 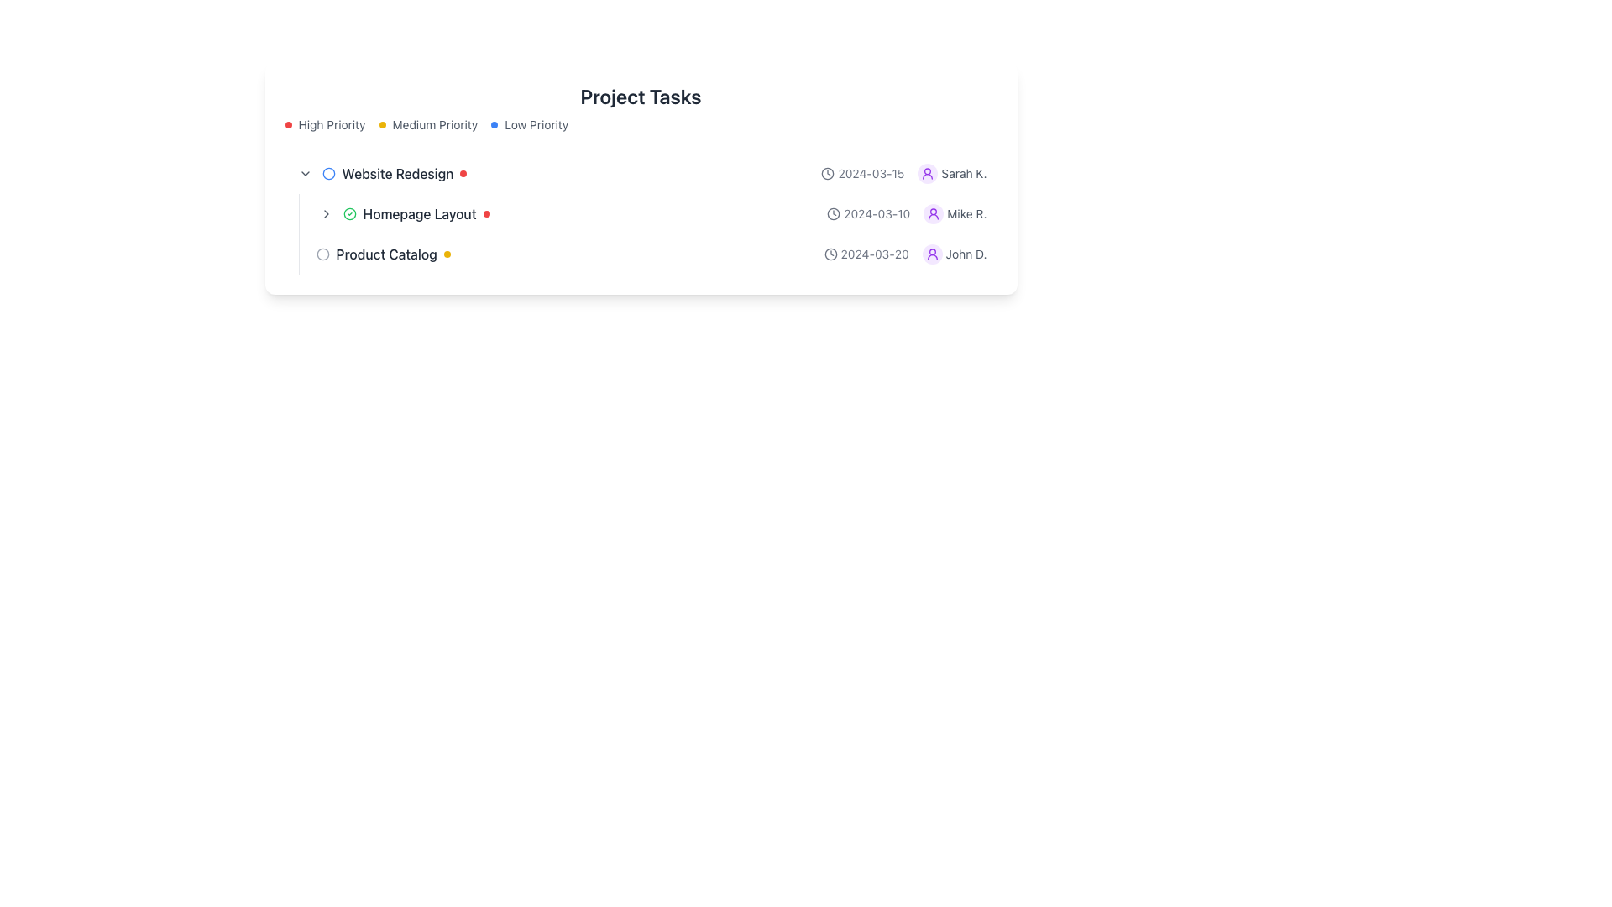 I want to click on the Text and Icon Group that displays the due date and assigned person for the task, located on the right side of the second item under 'Project Tasks' following 'Homepage Layout.', so click(x=906, y=212).